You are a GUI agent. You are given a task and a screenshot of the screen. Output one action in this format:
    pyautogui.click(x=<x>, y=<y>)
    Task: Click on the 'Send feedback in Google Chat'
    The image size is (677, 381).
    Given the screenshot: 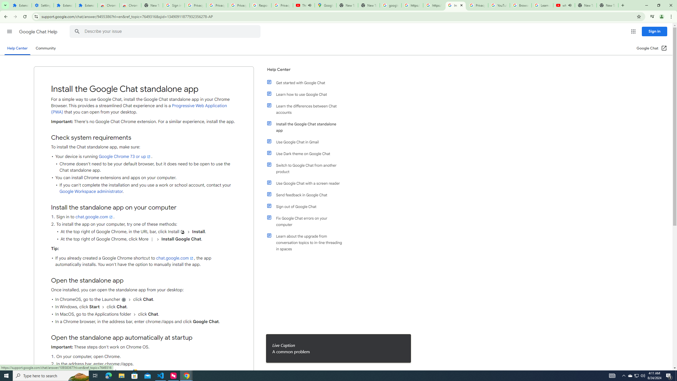 What is the action you would take?
    pyautogui.click(x=307, y=195)
    